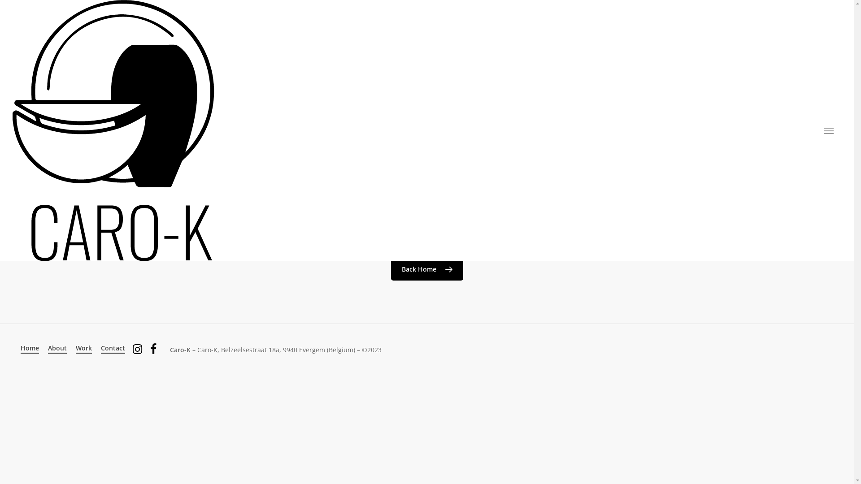  Describe the element at coordinates (113, 347) in the screenshot. I see `'Contact'` at that location.